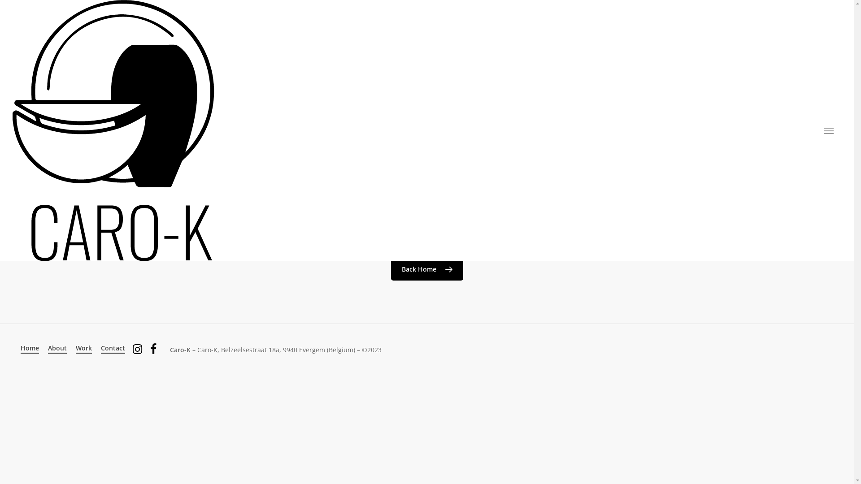  Describe the element at coordinates (113, 347) in the screenshot. I see `'Contact'` at that location.